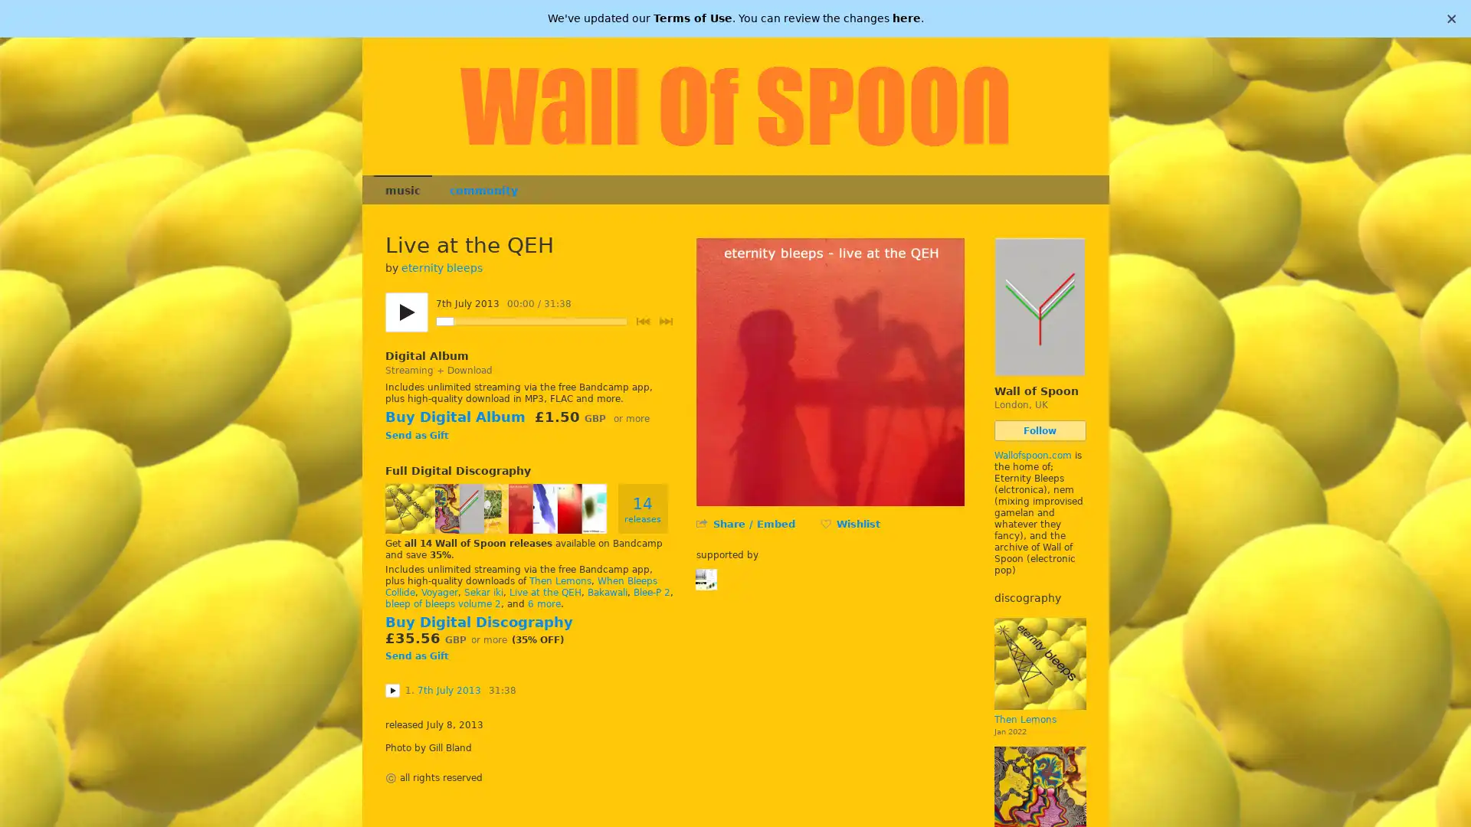  Describe the element at coordinates (416, 436) in the screenshot. I see `Send as Gift` at that location.